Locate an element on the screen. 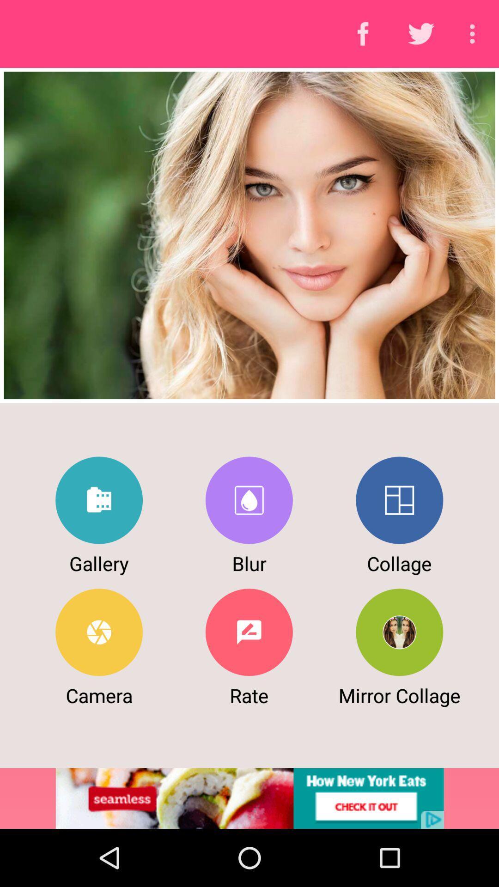 The image size is (499, 887). open camera is located at coordinates (99, 632).